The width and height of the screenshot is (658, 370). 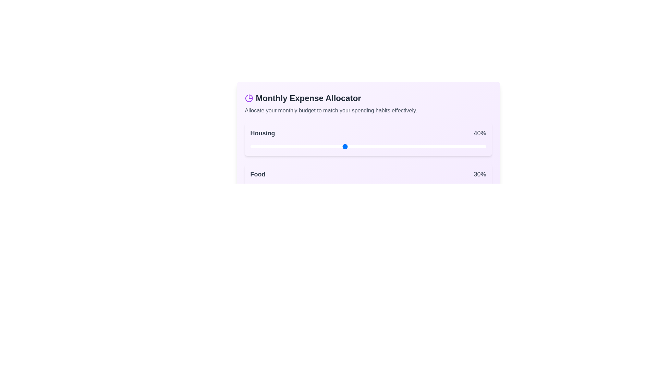 What do you see at coordinates (368, 133) in the screenshot?
I see `the text label displaying the allocated percentage for housing expenses, which shows 'Housing' on the left and '40%' on the right, positioned above the slider control in the budgeting application` at bounding box center [368, 133].